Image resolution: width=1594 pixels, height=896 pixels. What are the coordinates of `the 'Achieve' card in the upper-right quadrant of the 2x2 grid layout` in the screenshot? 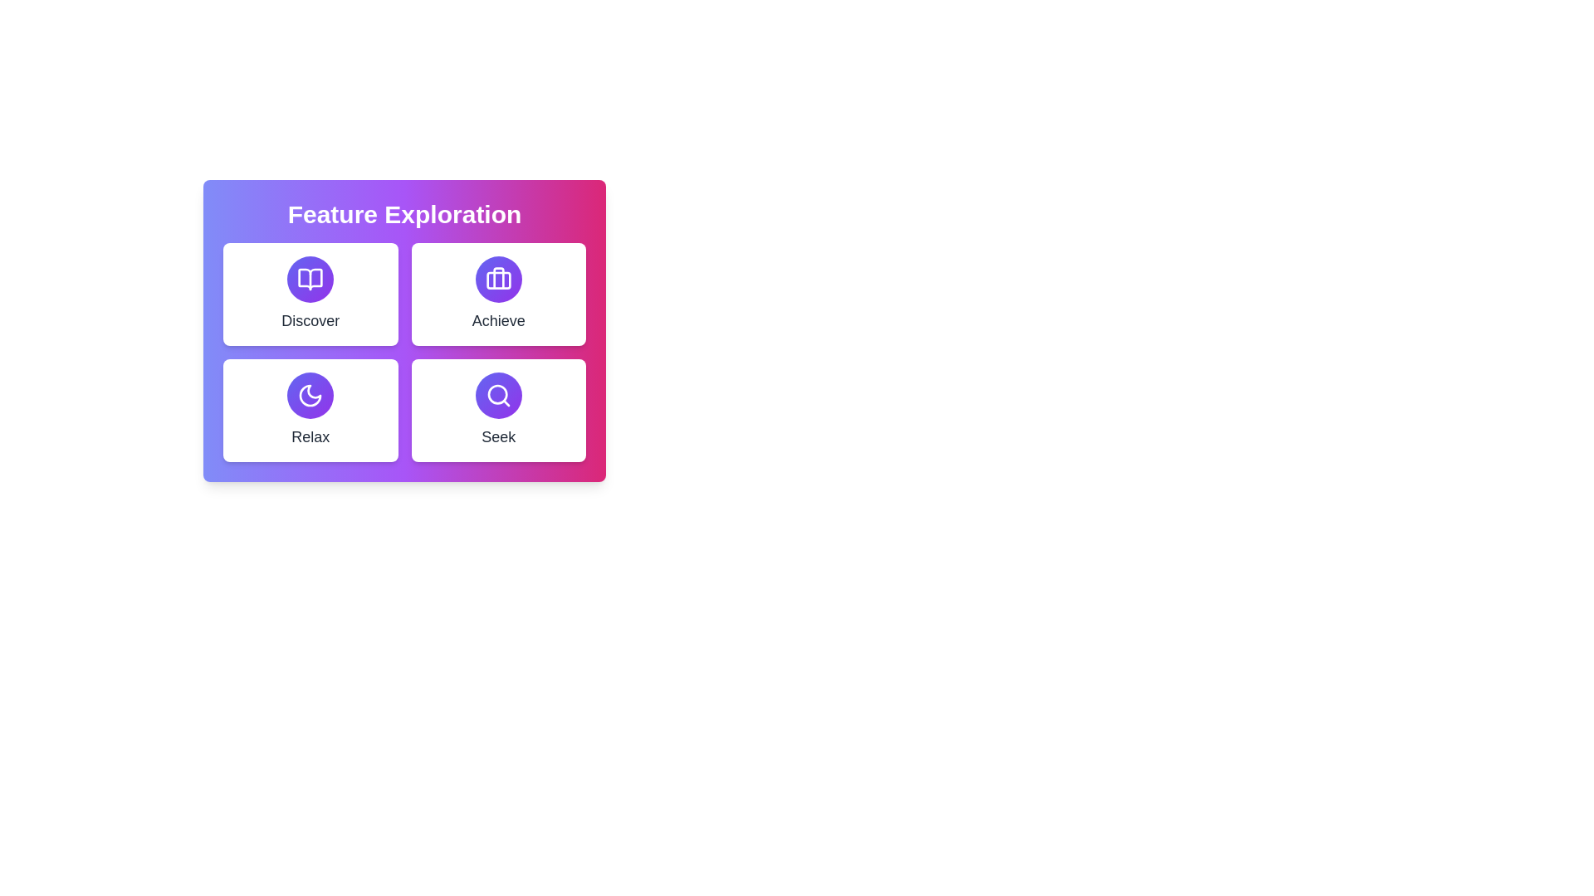 It's located at (497, 293).